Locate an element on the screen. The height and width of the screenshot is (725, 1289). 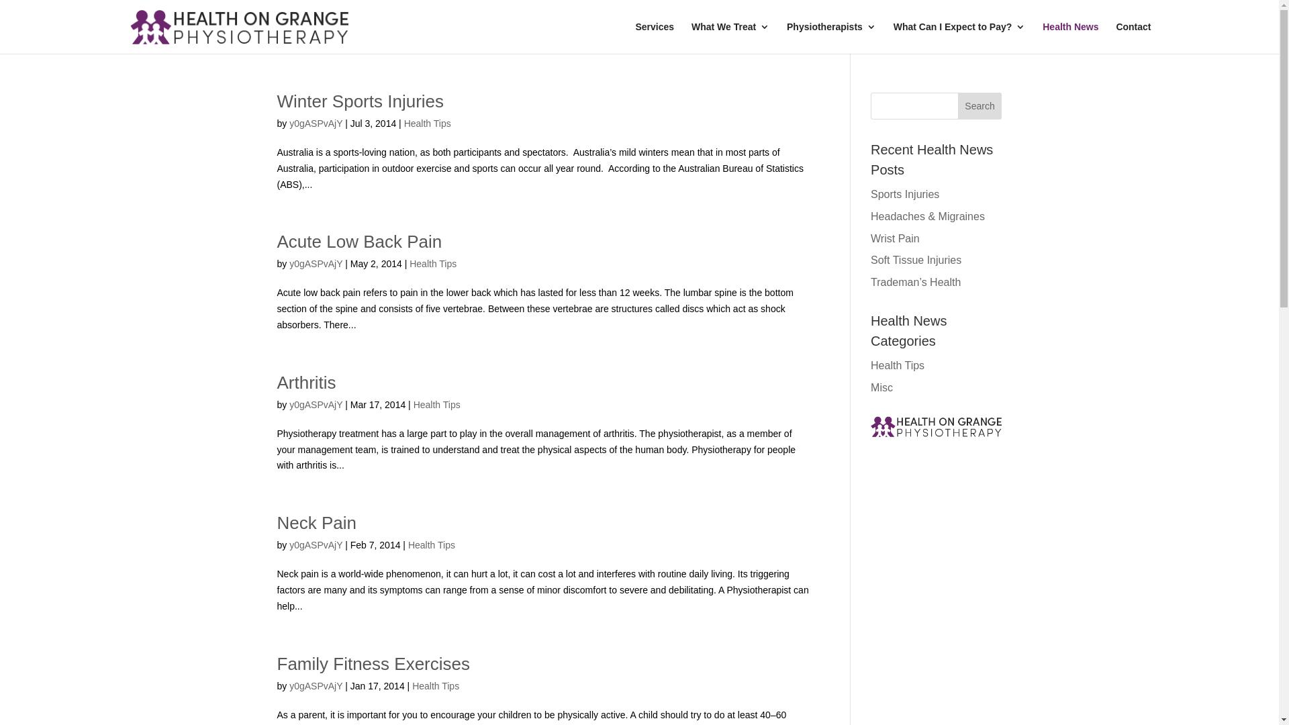
'Headaches & Migraines' is located at coordinates (927, 215).